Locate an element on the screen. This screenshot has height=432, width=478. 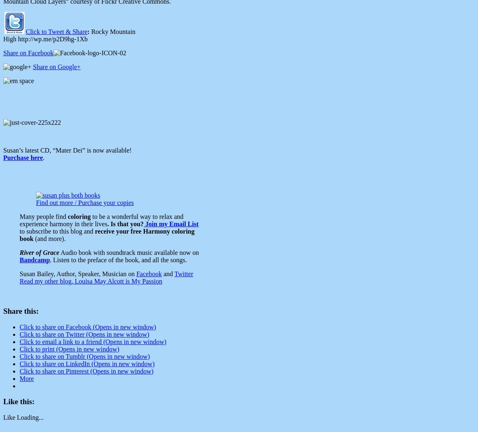
'Bandcamp' is located at coordinates (34, 259).